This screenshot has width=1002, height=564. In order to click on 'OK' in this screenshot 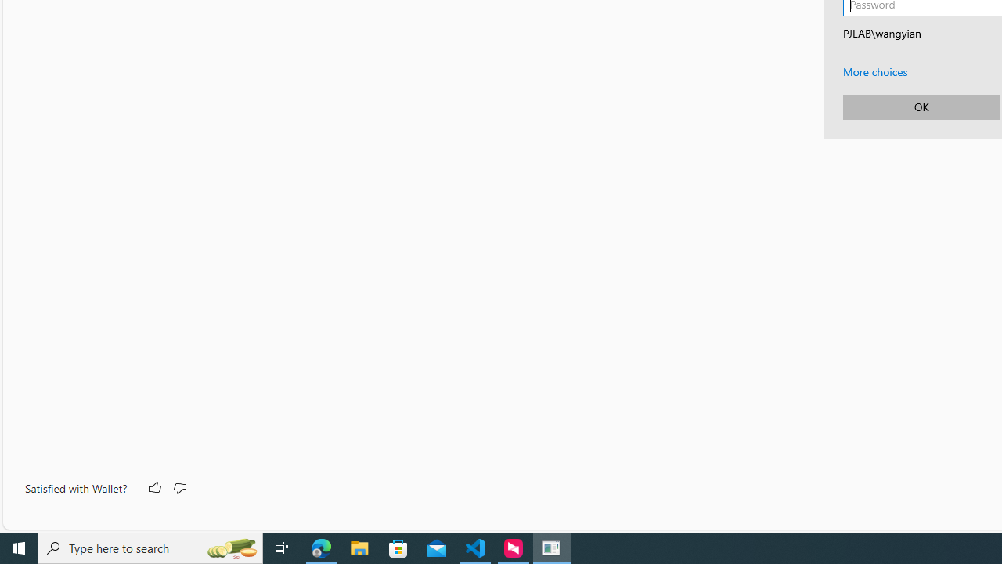, I will do `click(921, 106)`.